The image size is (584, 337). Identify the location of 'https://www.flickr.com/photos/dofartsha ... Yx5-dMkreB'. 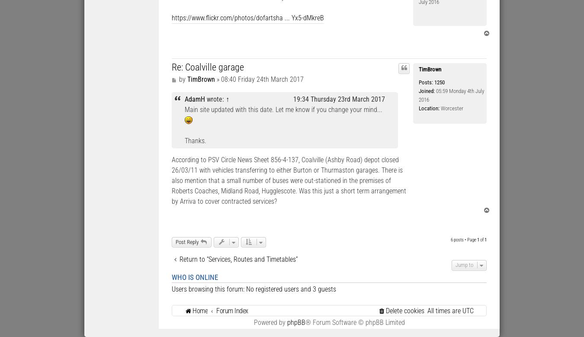
(247, 18).